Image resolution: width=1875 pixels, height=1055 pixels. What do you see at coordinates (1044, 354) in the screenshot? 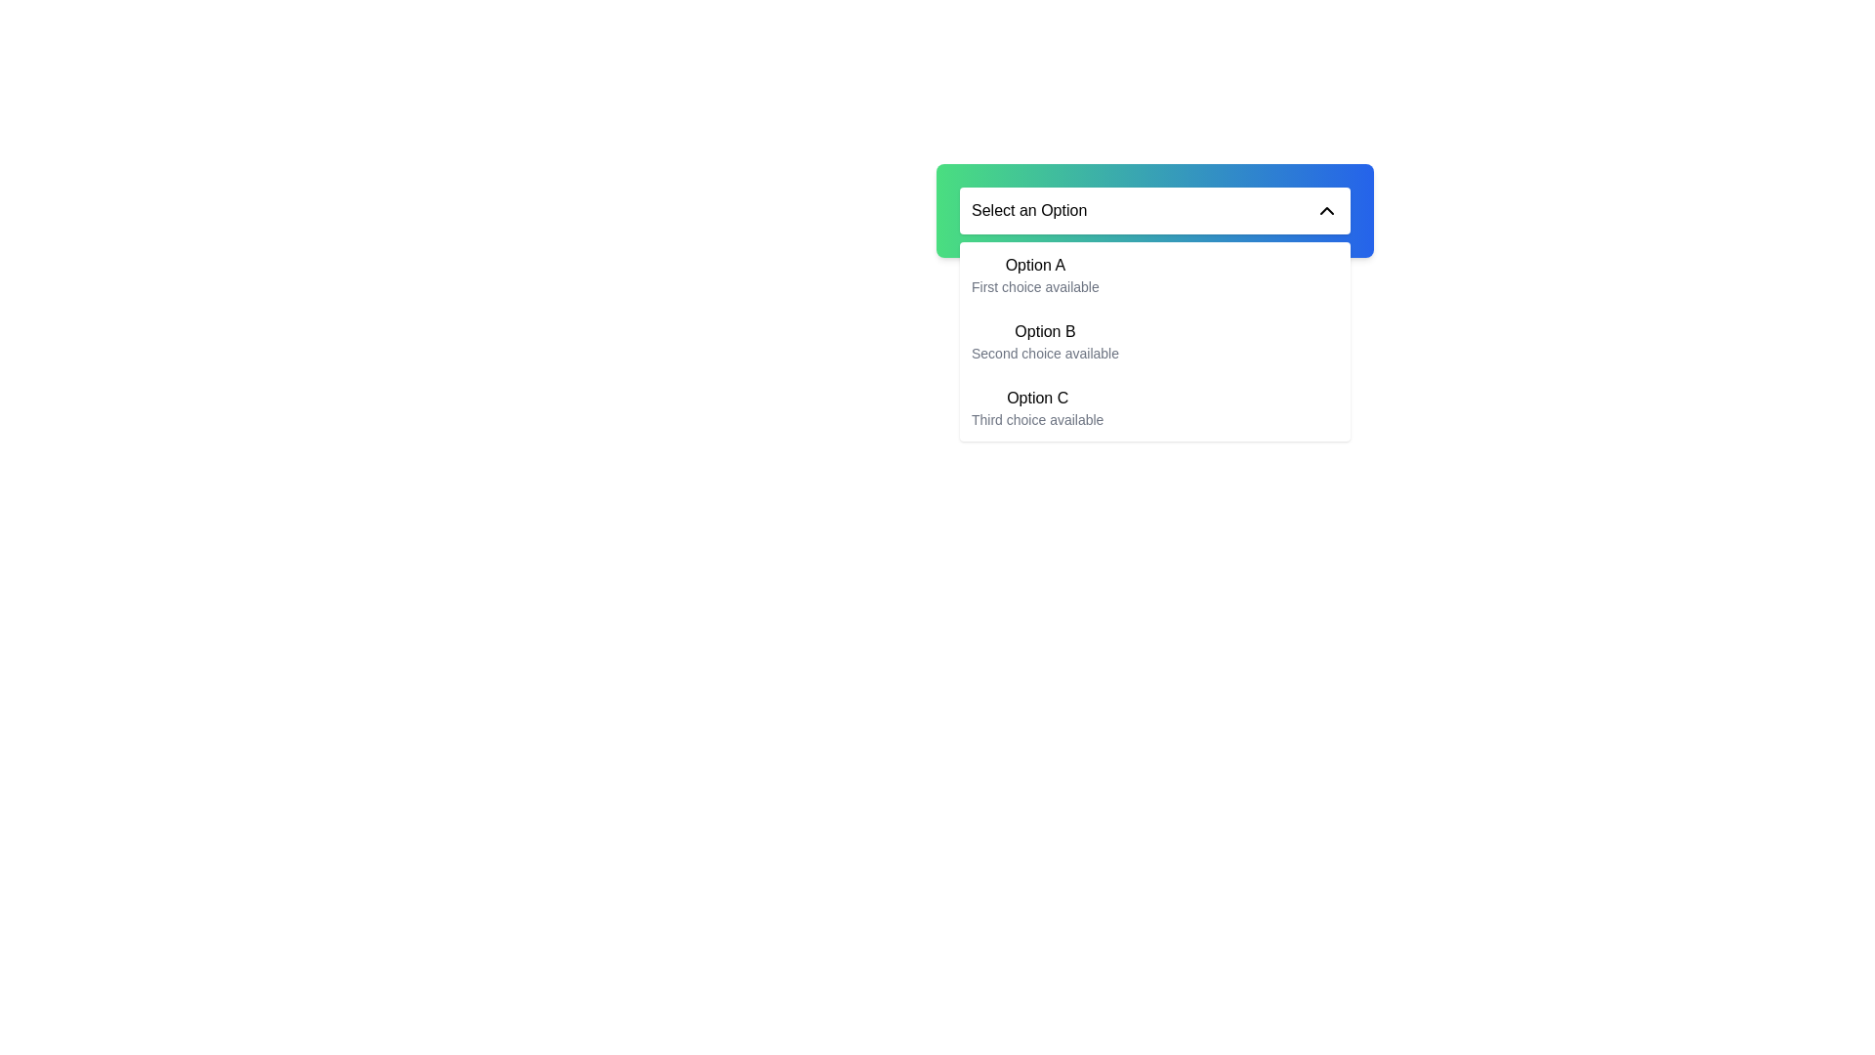
I see `the static text label that provides additional information for 'Option B', which is located below the main title 'Option B' in the dropdown menu` at bounding box center [1044, 354].